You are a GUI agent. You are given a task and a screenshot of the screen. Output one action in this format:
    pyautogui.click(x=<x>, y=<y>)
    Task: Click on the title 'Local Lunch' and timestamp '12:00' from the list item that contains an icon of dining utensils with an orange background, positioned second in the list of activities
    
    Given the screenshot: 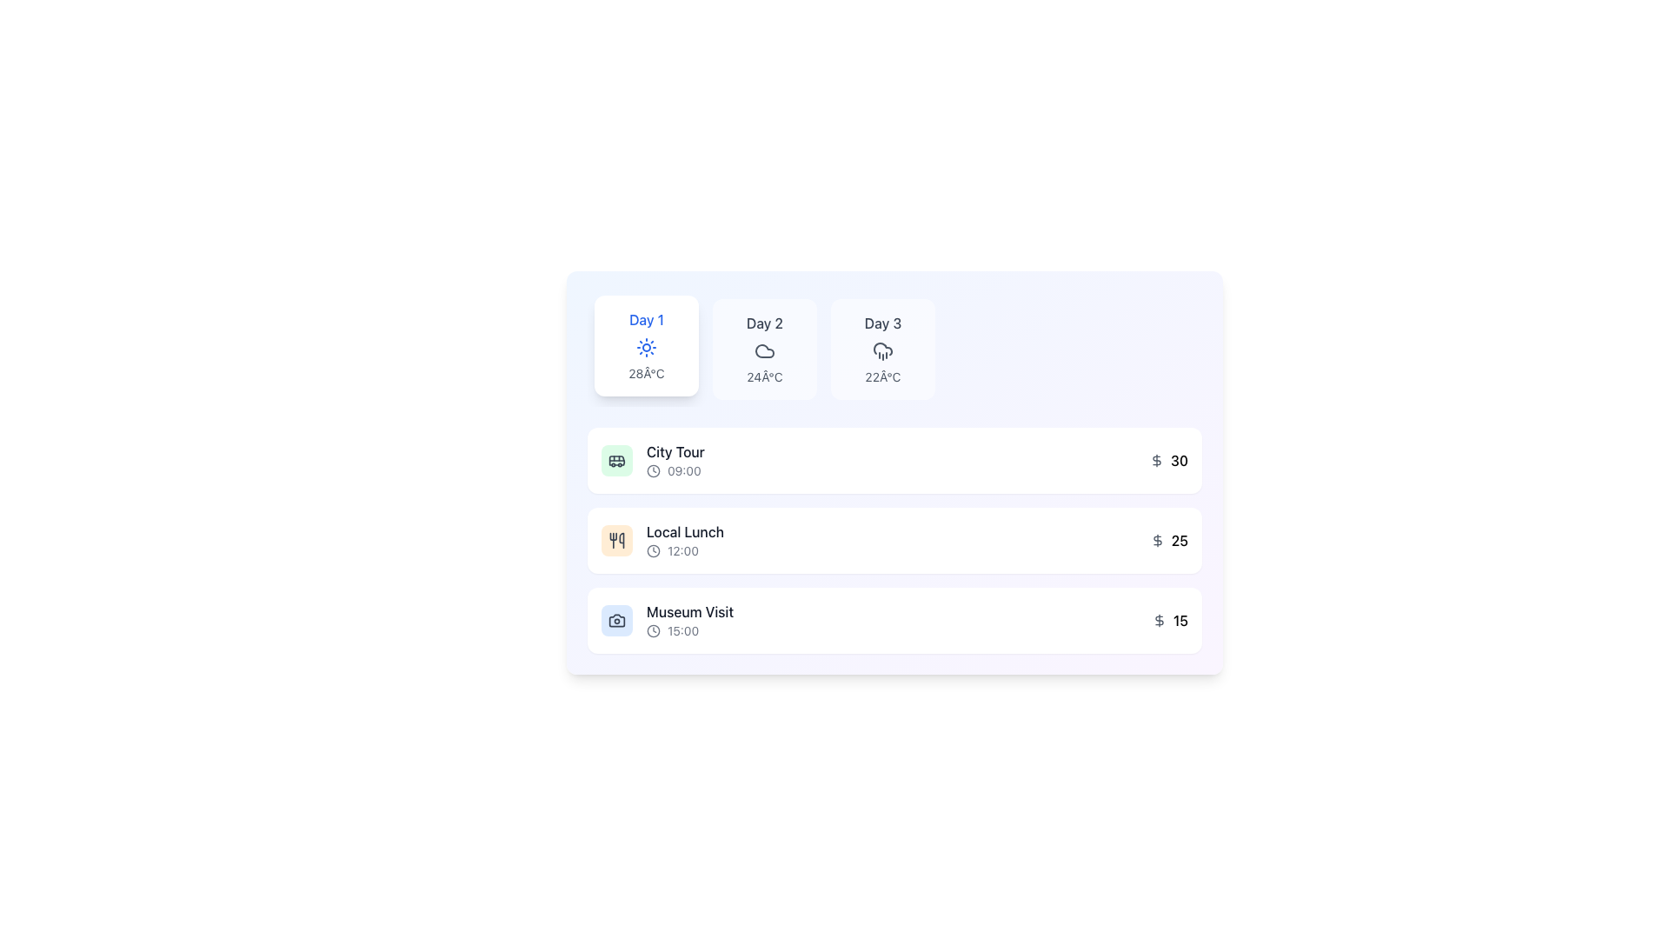 What is the action you would take?
    pyautogui.click(x=662, y=539)
    